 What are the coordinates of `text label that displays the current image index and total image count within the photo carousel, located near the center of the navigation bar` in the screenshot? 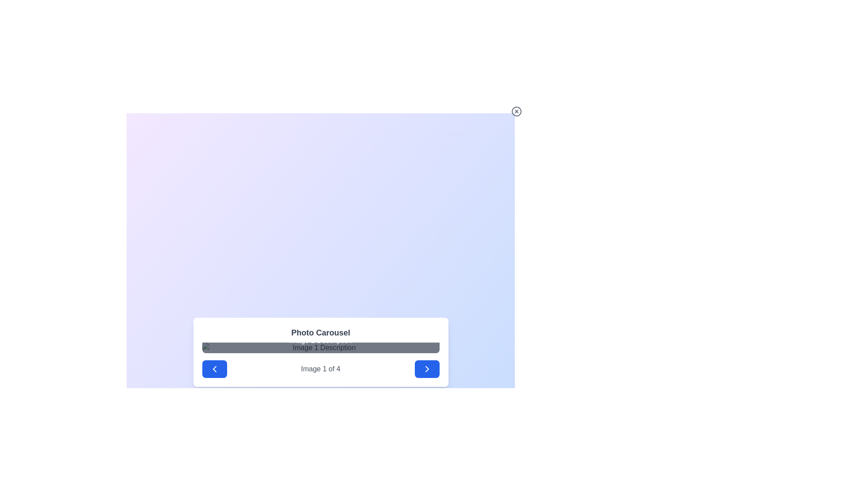 It's located at (320, 369).